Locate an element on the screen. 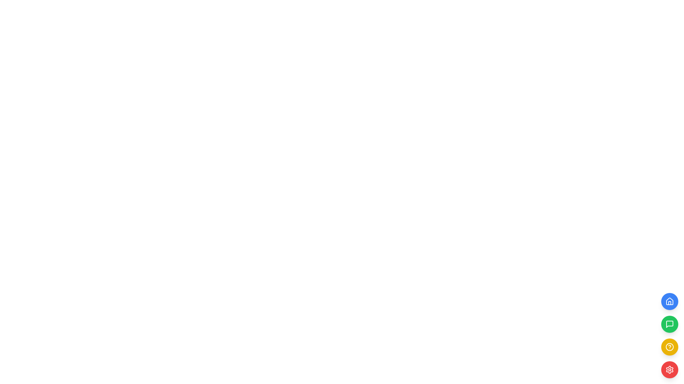 The image size is (684, 384). the third circular button in a vertical row of four buttons, located below the green chat icon and above the red settings button is located at coordinates (669, 336).